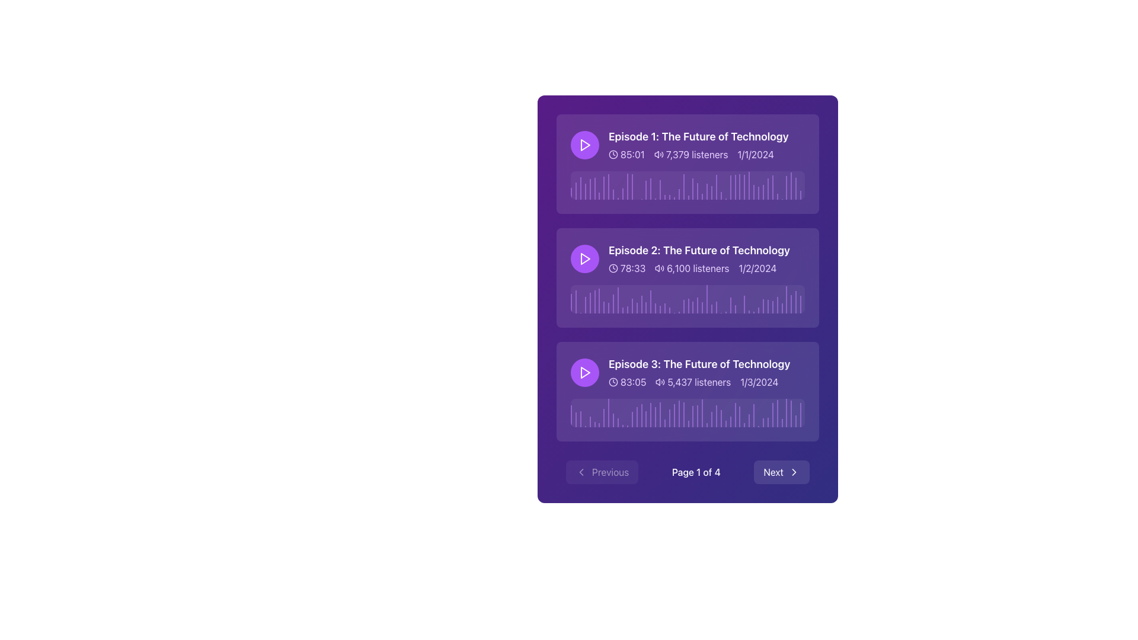 The image size is (1138, 640). Describe the element at coordinates (650, 414) in the screenshot. I see `the Playback Progress Indicator bar located in the waveform visual of the third card in a vertical stack of episodic cards` at that location.